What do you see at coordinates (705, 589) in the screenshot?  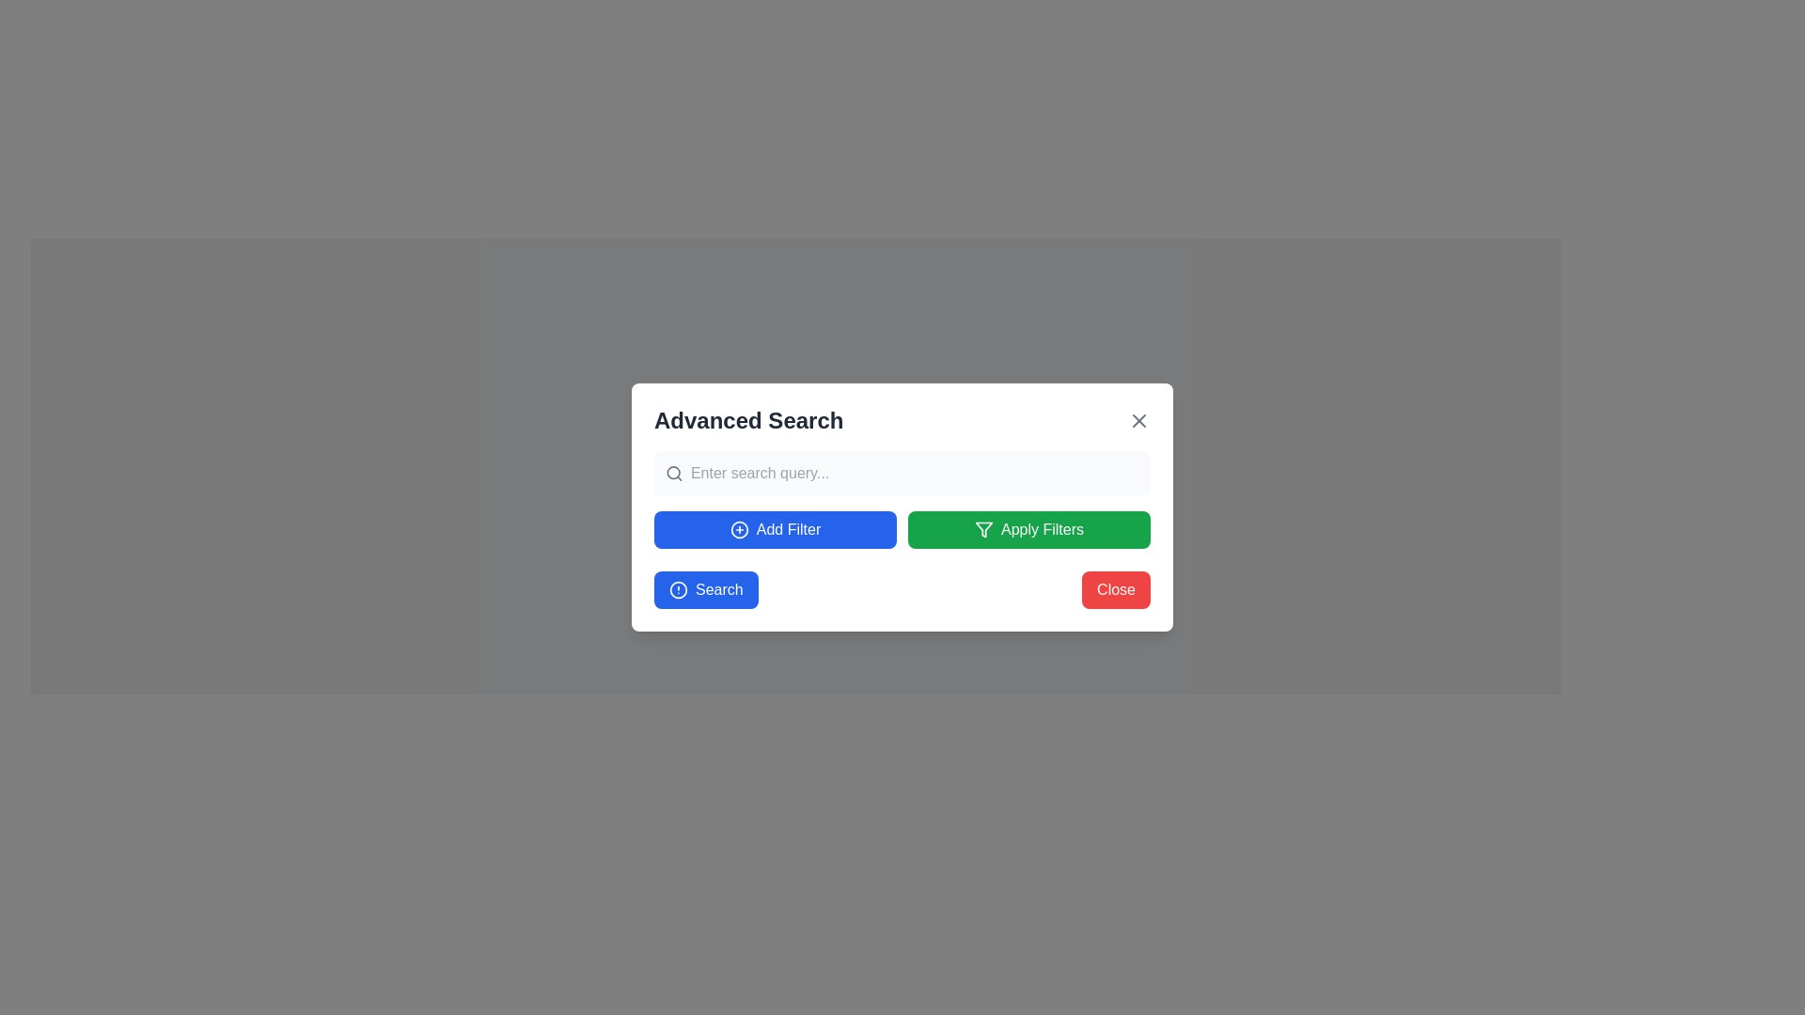 I see `the 'Search' button located at the bottom left corner of the dialog box to initiate a search operation` at bounding box center [705, 589].